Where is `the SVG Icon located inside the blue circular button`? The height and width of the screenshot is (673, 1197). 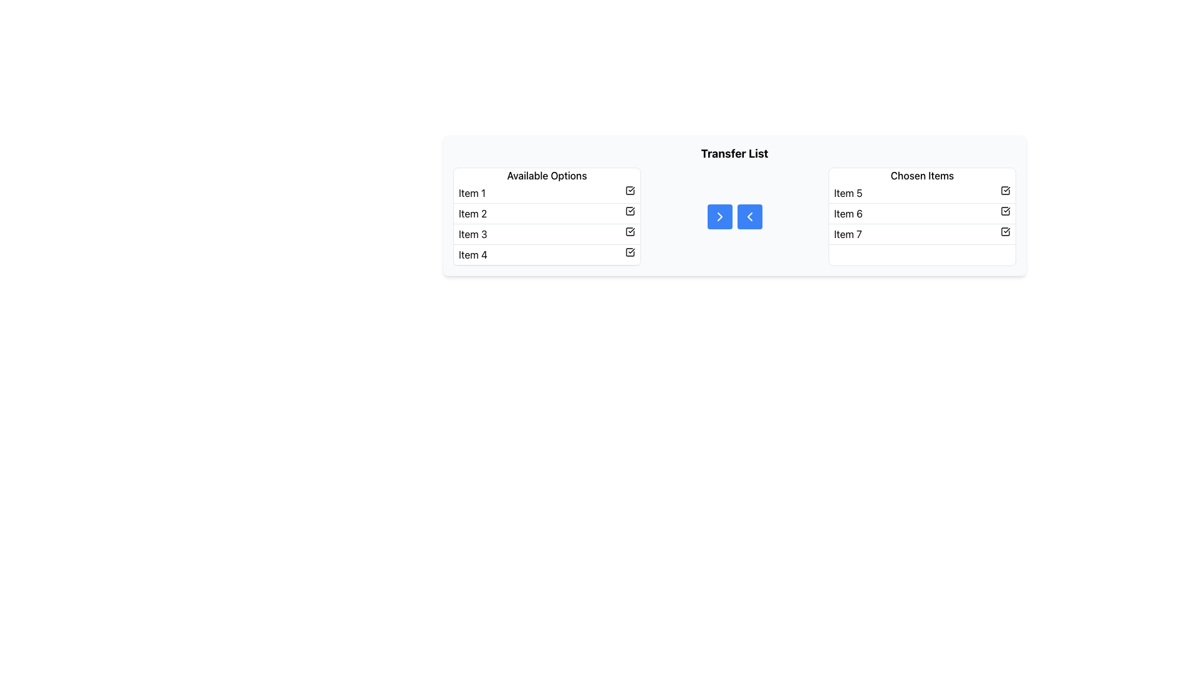
the SVG Icon located inside the blue circular button is located at coordinates (719, 216).